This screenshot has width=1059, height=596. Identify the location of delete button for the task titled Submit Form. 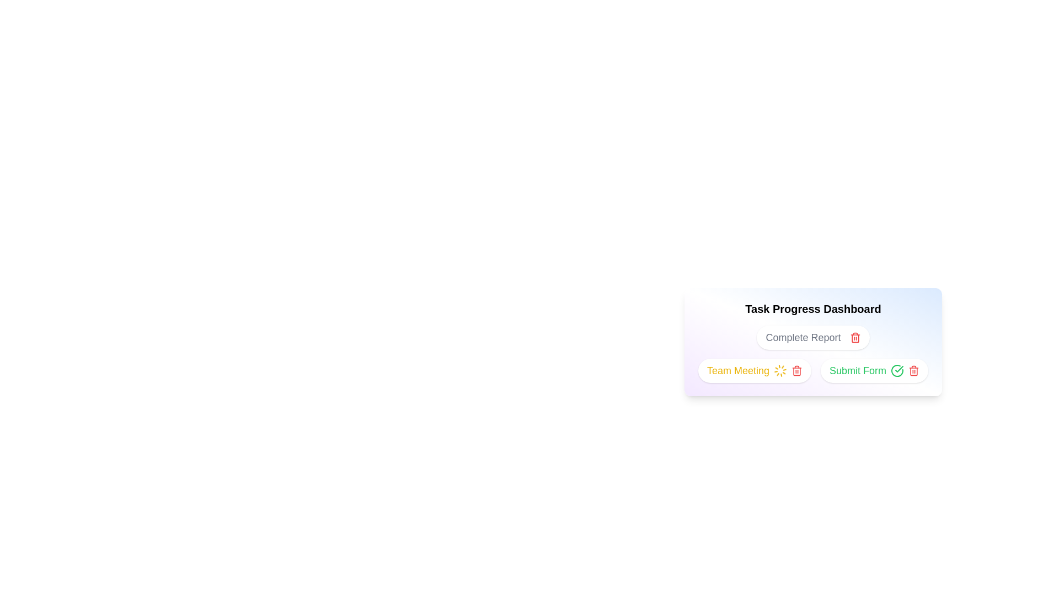
(913, 370).